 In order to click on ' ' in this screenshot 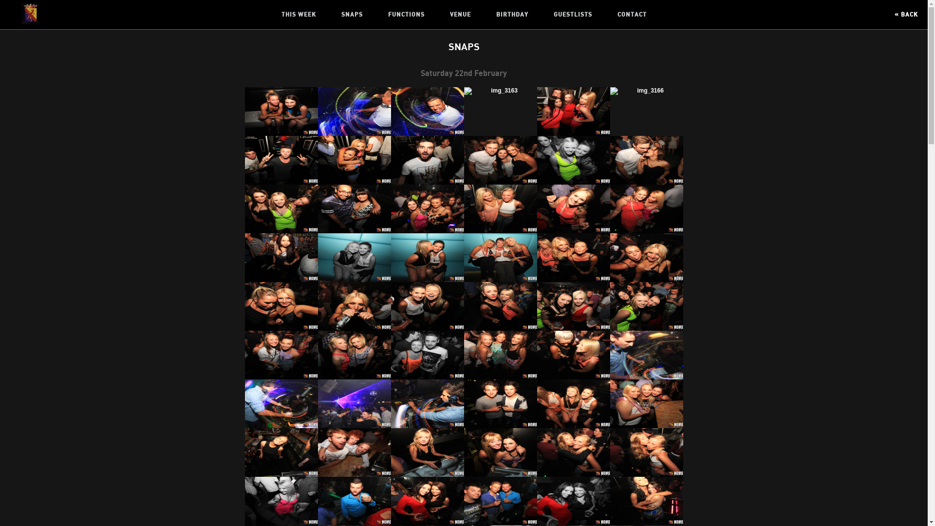, I will do `click(427, 257)`.